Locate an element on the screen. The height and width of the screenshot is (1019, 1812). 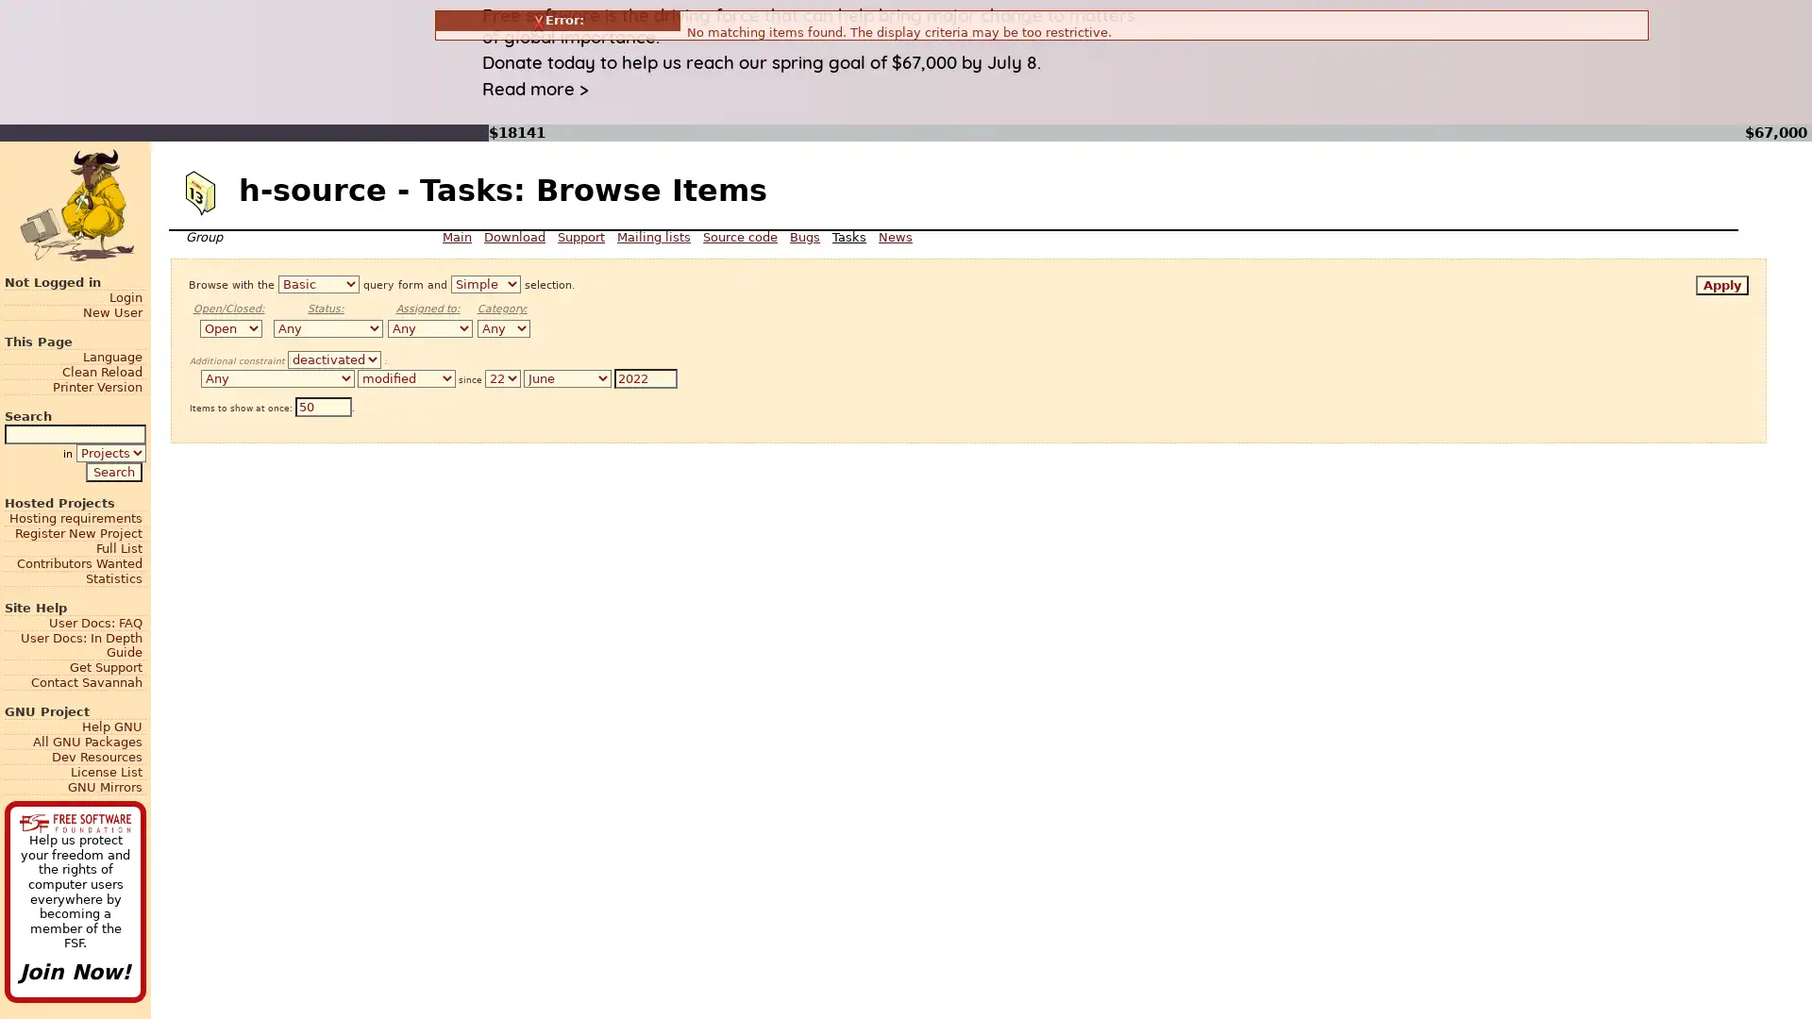
Apply is located at coordinates (1721, 285).